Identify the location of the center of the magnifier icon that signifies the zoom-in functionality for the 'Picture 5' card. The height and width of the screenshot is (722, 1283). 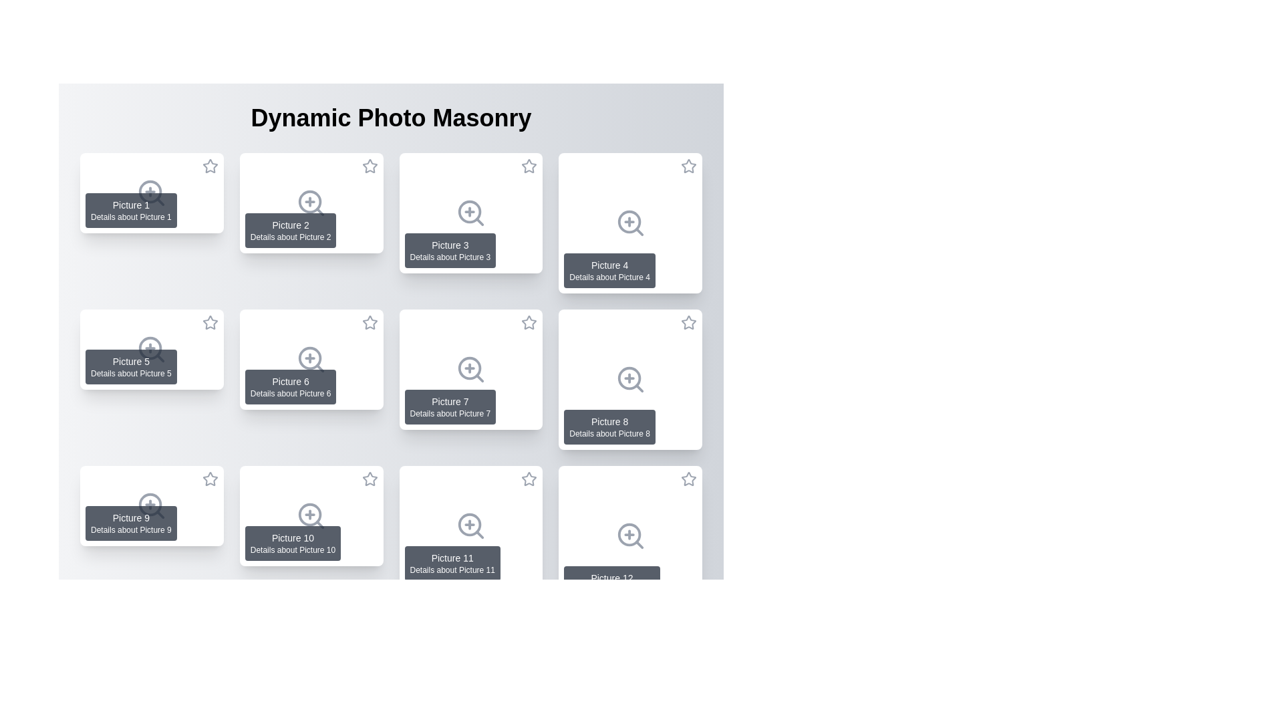
(150, 348).